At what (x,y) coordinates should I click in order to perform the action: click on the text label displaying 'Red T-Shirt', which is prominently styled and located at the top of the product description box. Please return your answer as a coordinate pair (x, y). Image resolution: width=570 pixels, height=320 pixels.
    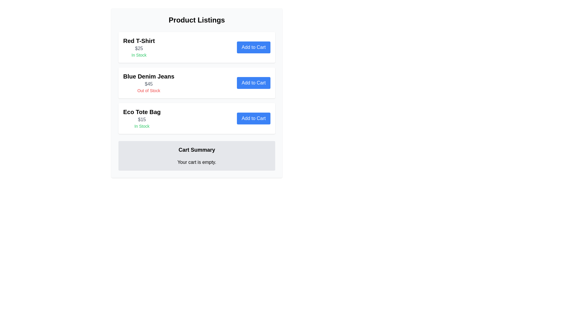
    Looking at the image, I should click on (139, 41).